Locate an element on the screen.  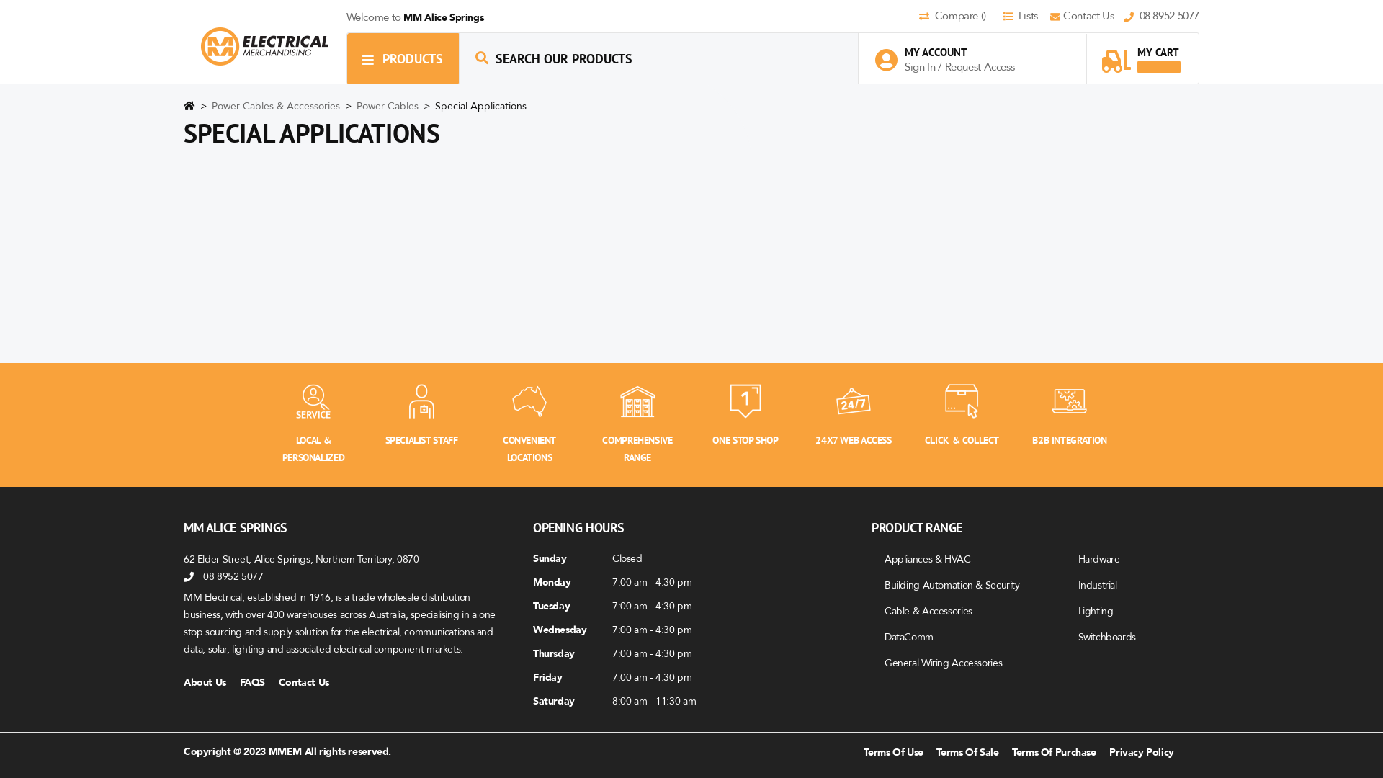
'Hardware' is located at coordinates (1078, 558).